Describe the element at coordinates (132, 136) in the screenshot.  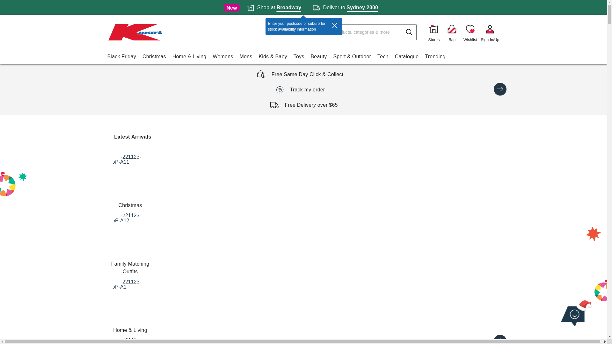
I see `'Latest Arrivals'` at that location.